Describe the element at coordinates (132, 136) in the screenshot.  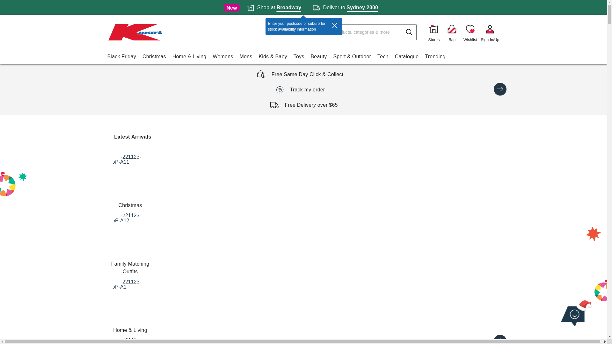
I see `'Latest Arrivals'` at that location.